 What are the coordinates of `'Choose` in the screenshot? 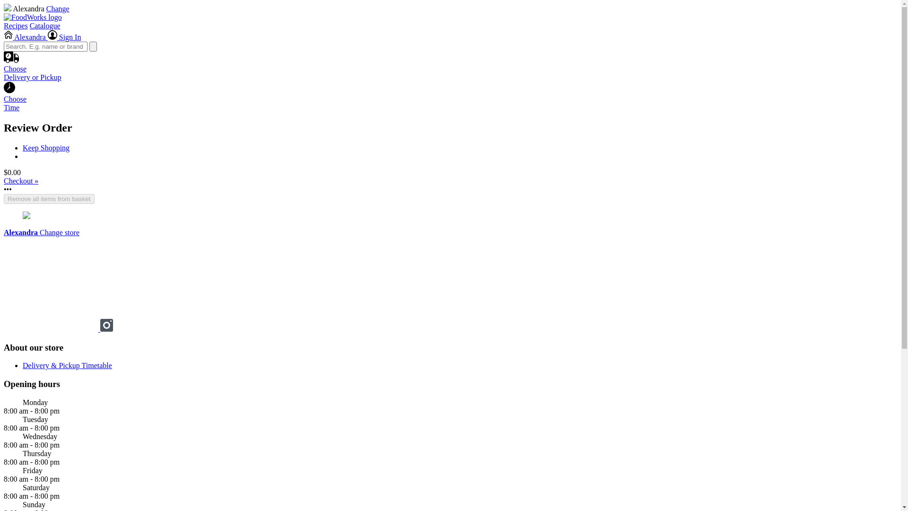 It's located at (4, 75).